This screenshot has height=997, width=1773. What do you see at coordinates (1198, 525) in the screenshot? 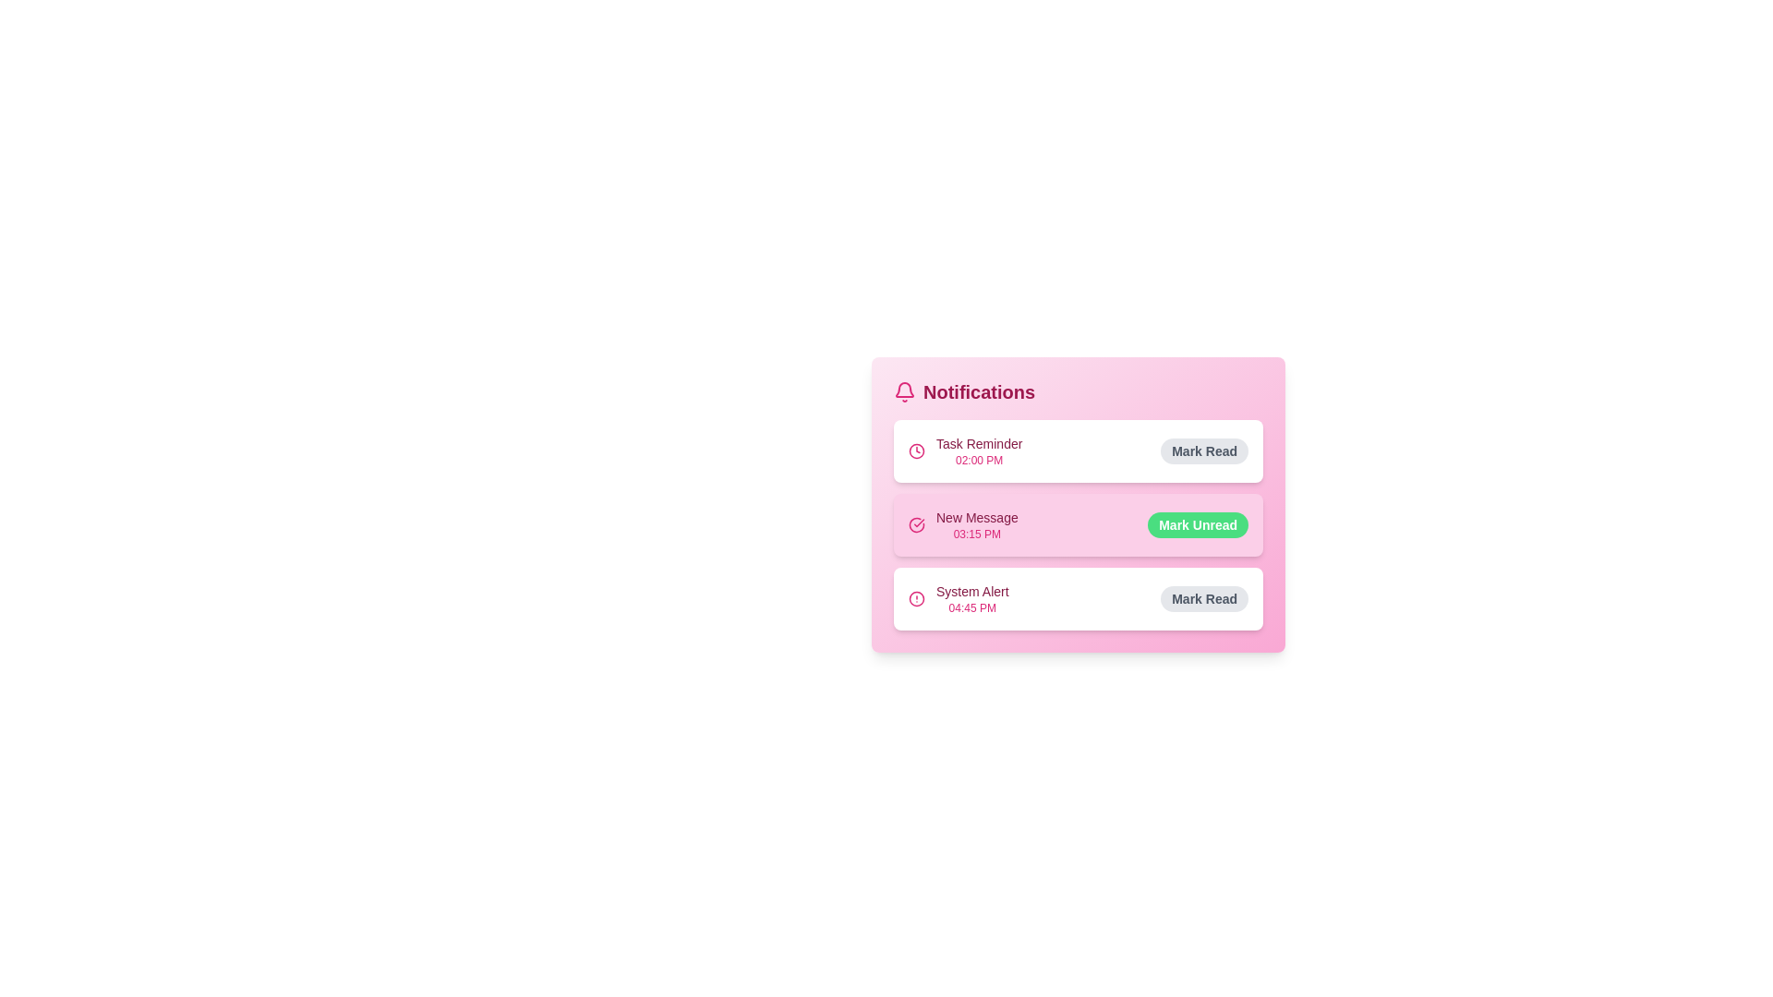
I see `the 'Mark Unread' button for the 'New Message' notification` at bounding box center [1198, 525].